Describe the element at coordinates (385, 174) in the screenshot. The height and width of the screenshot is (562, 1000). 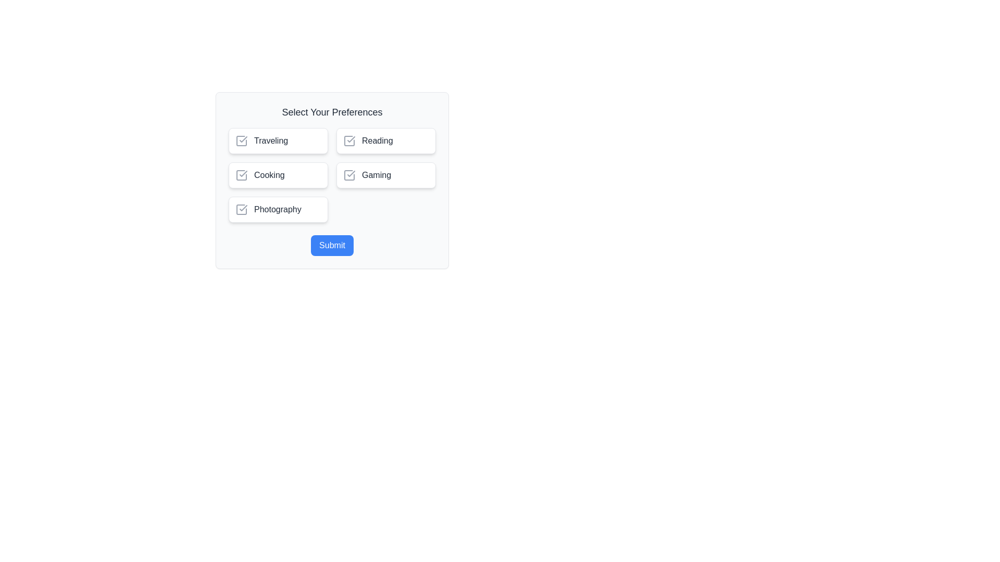
I see `the 'Gaming' checkbox-based selection button to navigate` at that location.